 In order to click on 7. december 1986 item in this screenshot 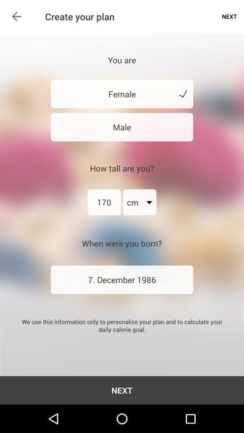, I will do `click(122, 279)`.